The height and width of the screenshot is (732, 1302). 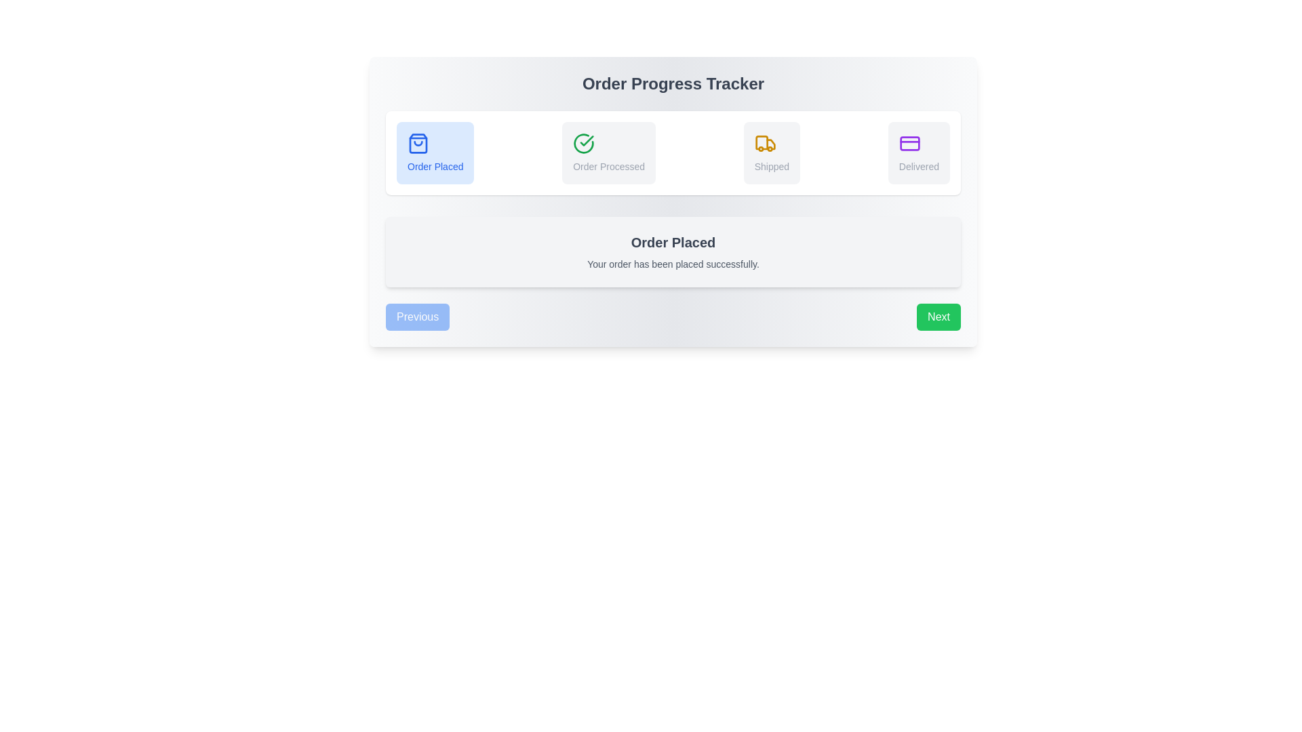 I want to click on the Static Text Label that indicates the title or purpose of the content in the step-by-step order tracking interface, so click(x=673, y=83).